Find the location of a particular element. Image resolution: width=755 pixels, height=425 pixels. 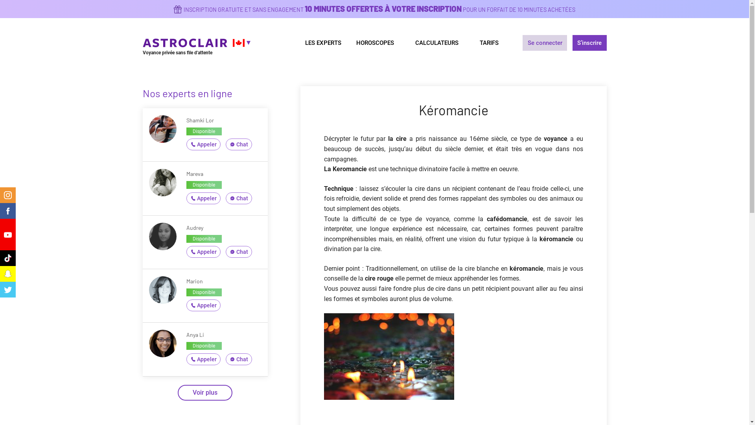

'Mareva' is located at coordinates (195, 173).